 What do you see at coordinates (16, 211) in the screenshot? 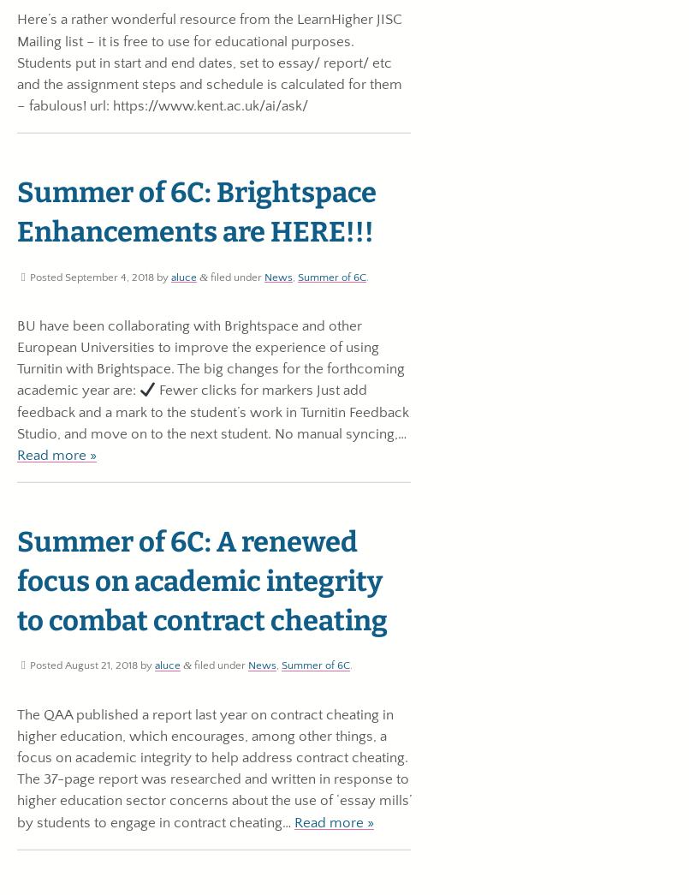
I see `'Summer of 6C: Brightspace Enhancements are HERE!!!'` at bounding box center [16, 211].